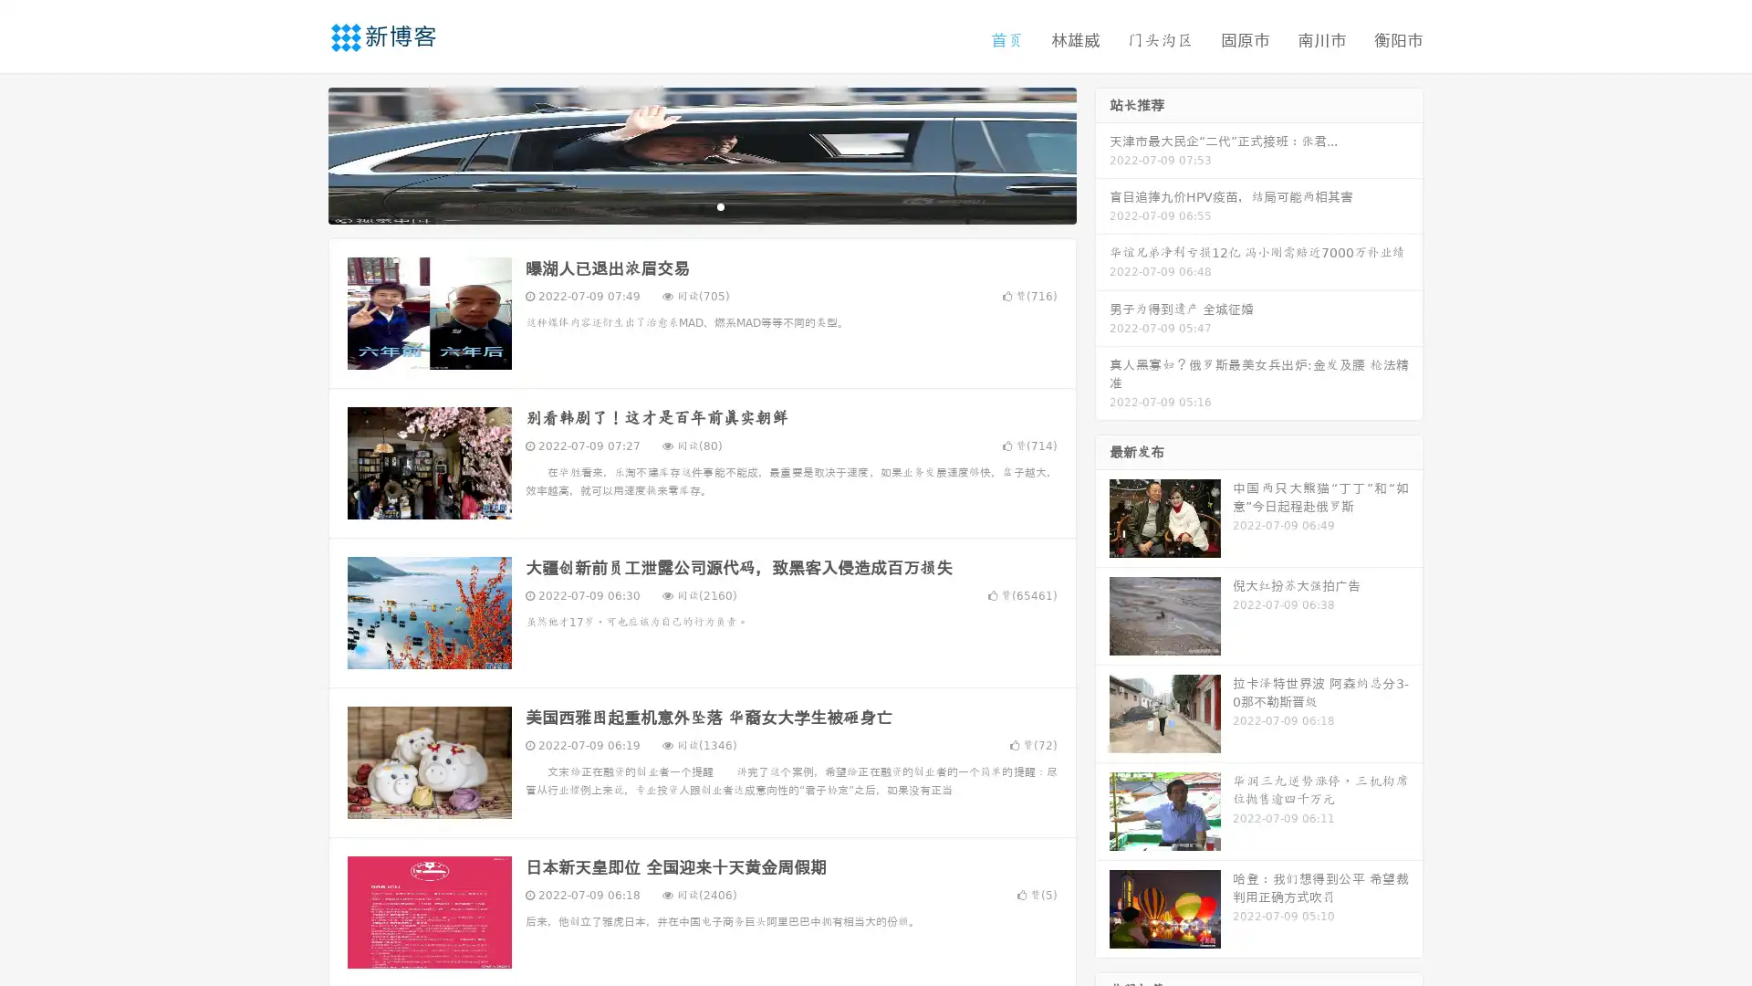 The image size is (1752, 986). I want to click on Go to slide 1, so click(683, 205).